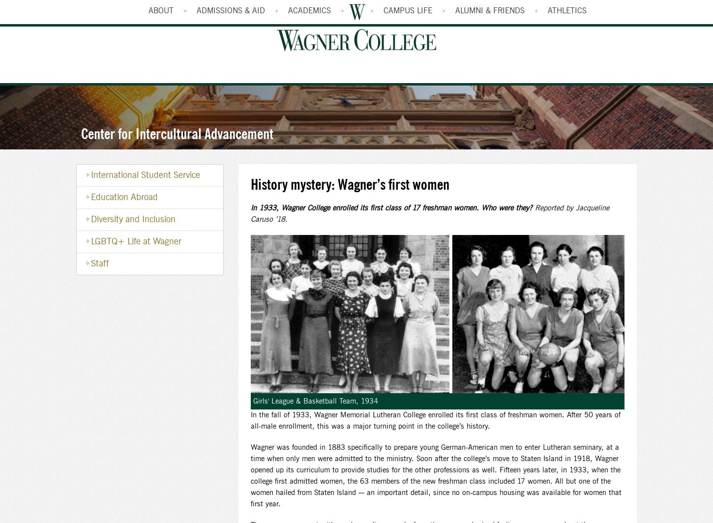 The height and width of the screenshot is (523, 713). Describe the element at coordinates (392, 208) in the screenshot. I see `'In 1933, Wagner College enrolled its first class of 17 freshman women. Who were they?'` at that location.